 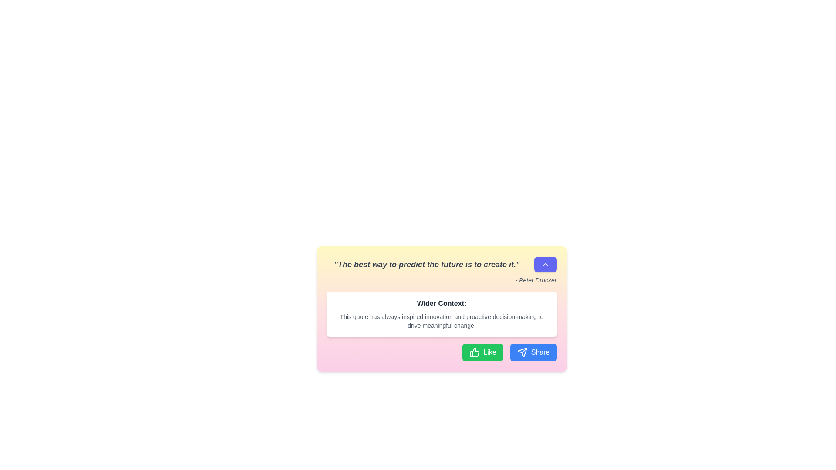 I want to click on the sharing icon located at the bottom right of the visible card, next to the blue 'Share' button with white text, so click(x=522, y=352).